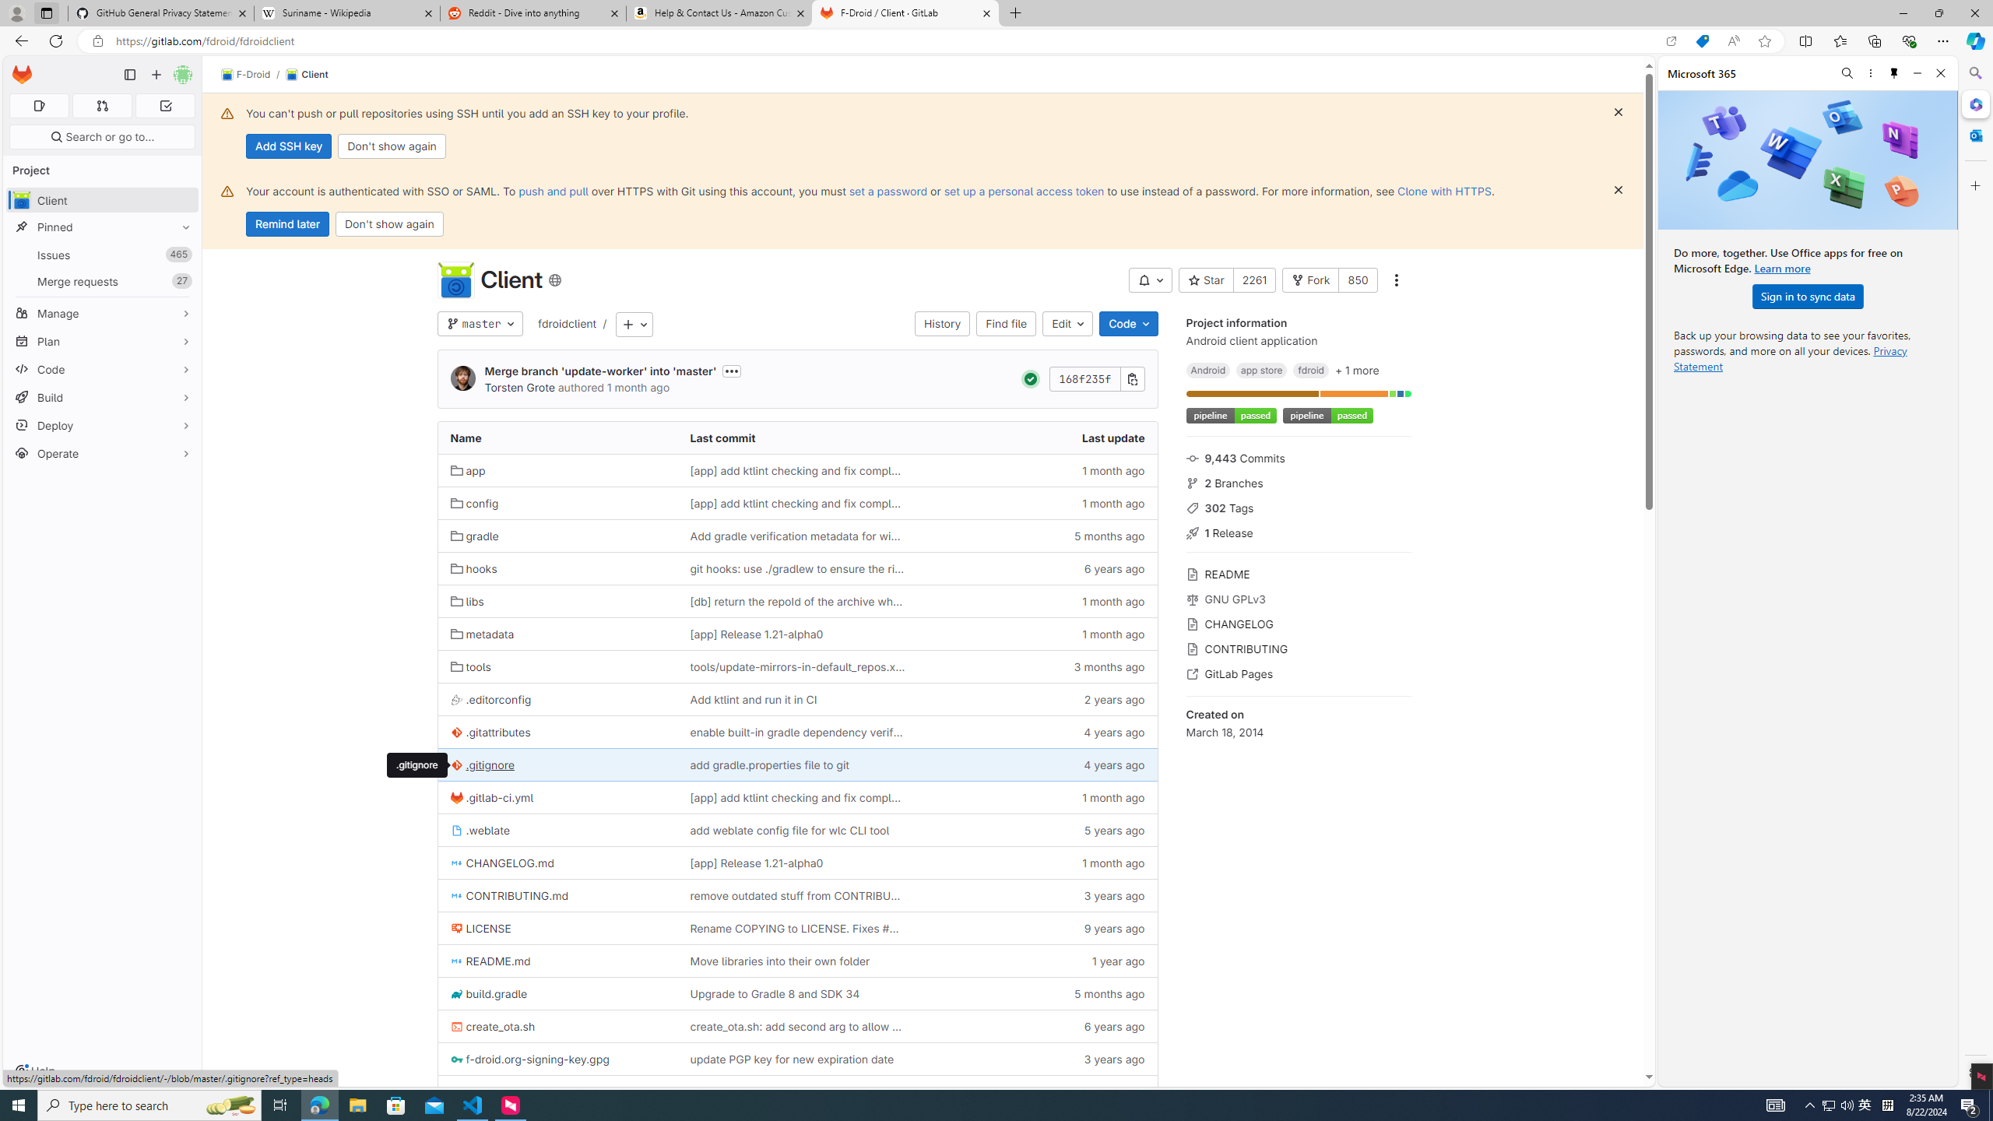  I want to click on 'Add gradle verification metadata for windows', so click(797, 536).